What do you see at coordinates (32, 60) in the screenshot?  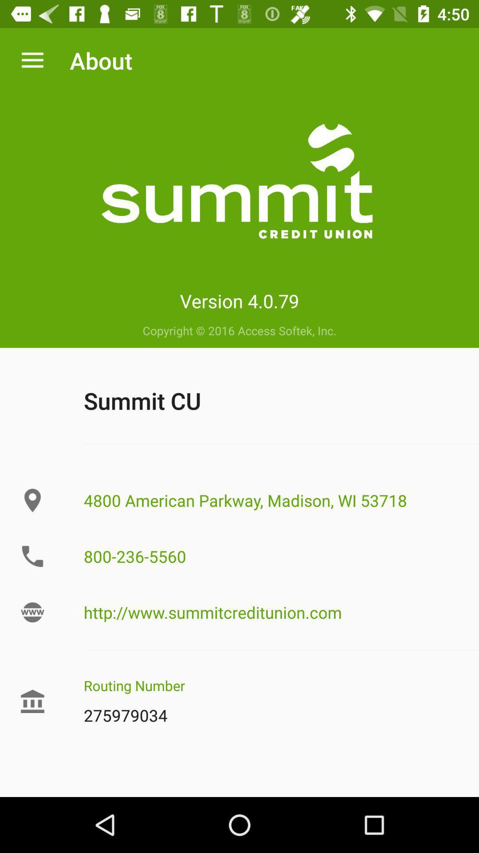 I see `app to the left of about icon` at bounding box center [32, 60].